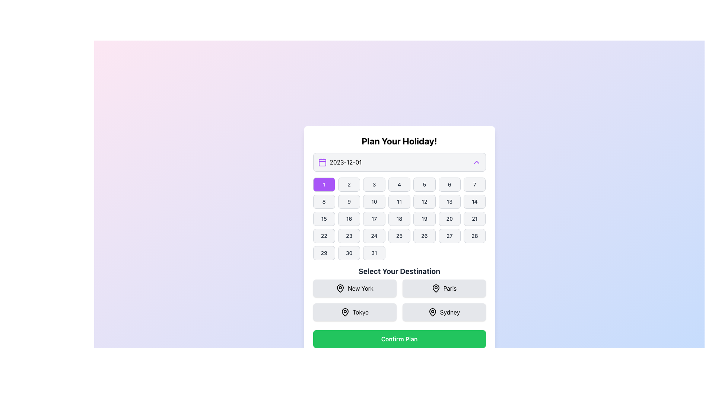 Image resolution: width=715 pixels, height=402 pixels. What do you see at coordinates (399, 236) in the screenshot?
I see `the selectable day button in the calendar interface located below the 'Plan Your Holiday!' heading` at bounding box center [399, 236].